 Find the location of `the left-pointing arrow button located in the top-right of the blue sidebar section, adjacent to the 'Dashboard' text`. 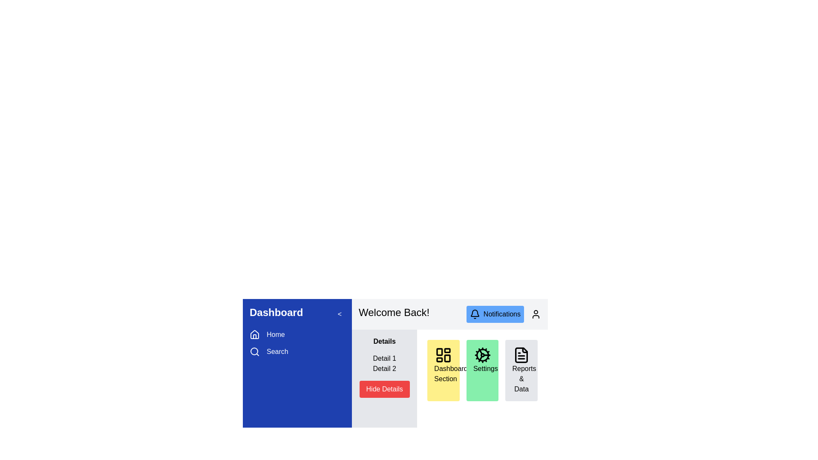

the left-pointing arrow button located in the top-right of the blue sidebar section, adjacent to the 'Dashboard' text is located at coordinates (339, 314).